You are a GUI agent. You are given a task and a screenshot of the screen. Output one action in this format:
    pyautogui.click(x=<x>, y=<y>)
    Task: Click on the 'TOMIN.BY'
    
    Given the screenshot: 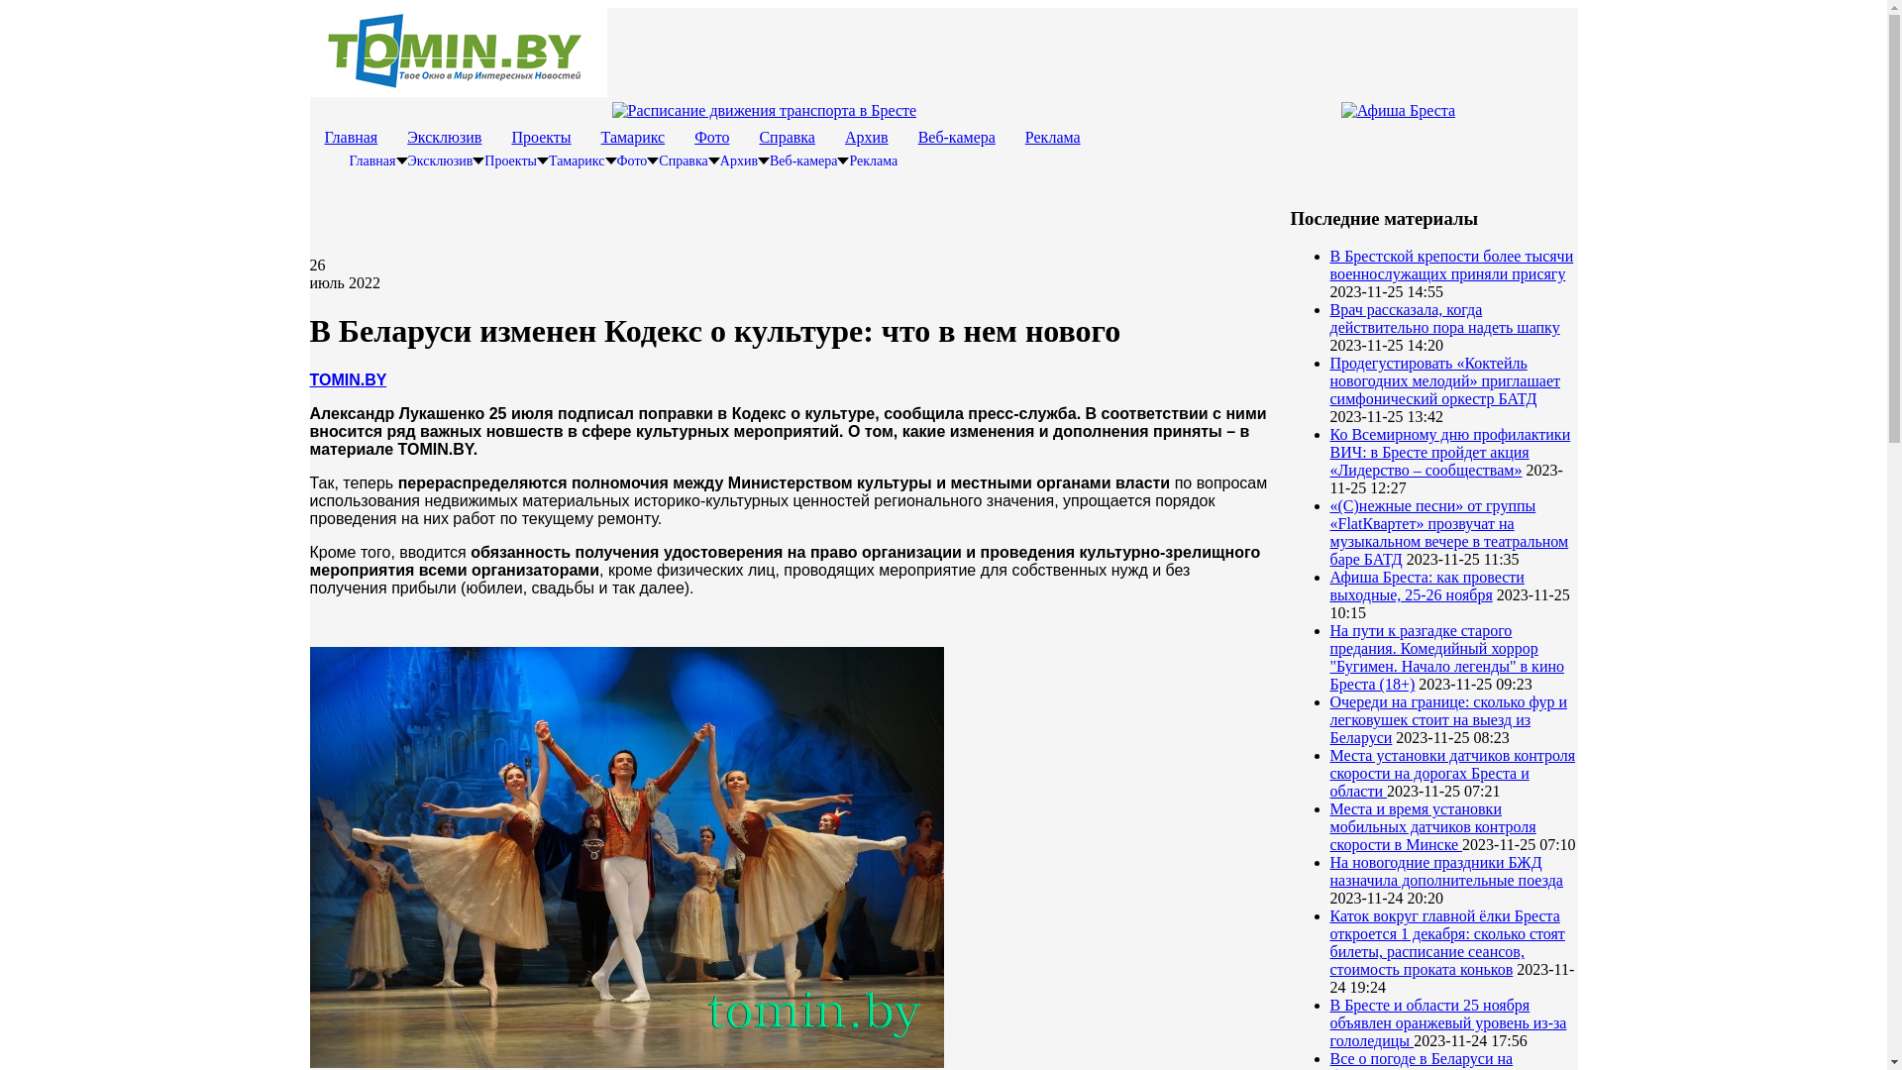 What is the action you would take?
    pyautogui.click(x=347, y=379)
    